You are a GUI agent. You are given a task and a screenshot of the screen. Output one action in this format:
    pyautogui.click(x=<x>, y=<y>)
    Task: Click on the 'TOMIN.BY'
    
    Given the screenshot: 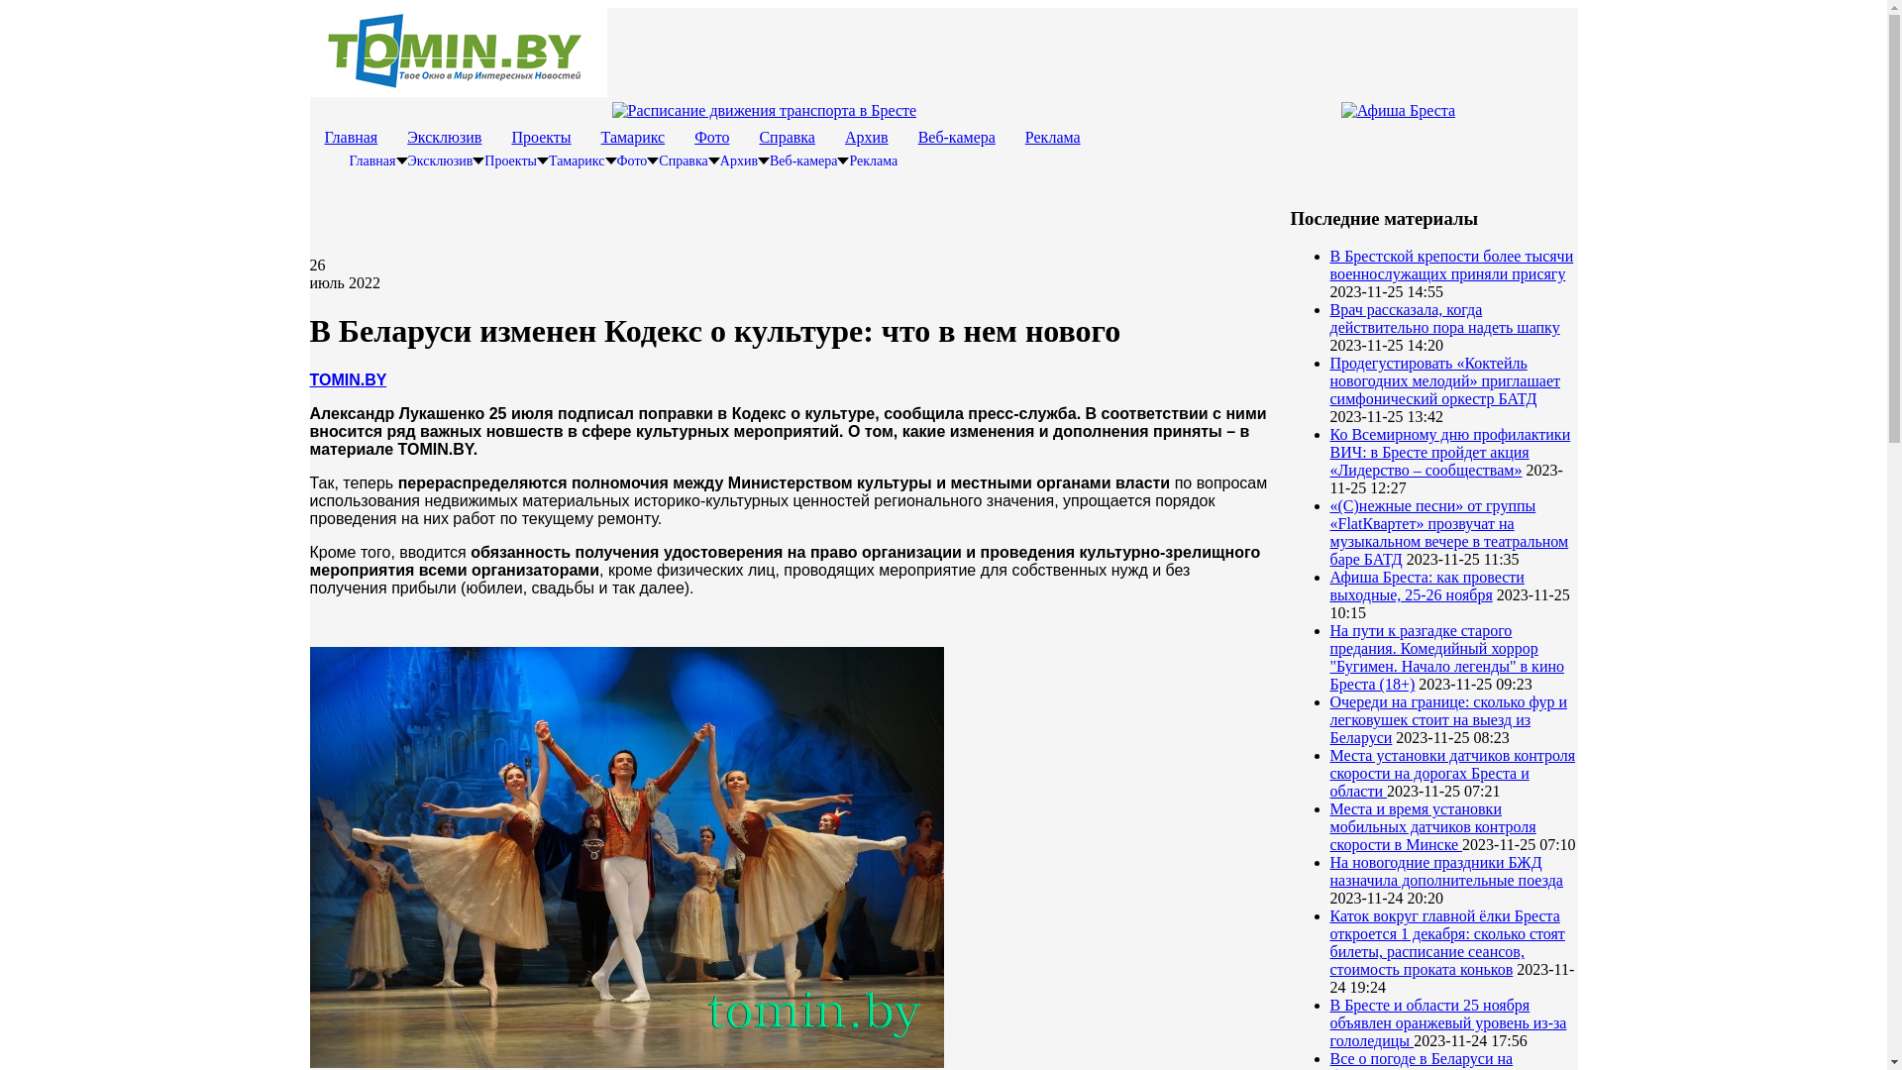 What is the action you would take?
    pyautogui.click(x=347, y=379)
    